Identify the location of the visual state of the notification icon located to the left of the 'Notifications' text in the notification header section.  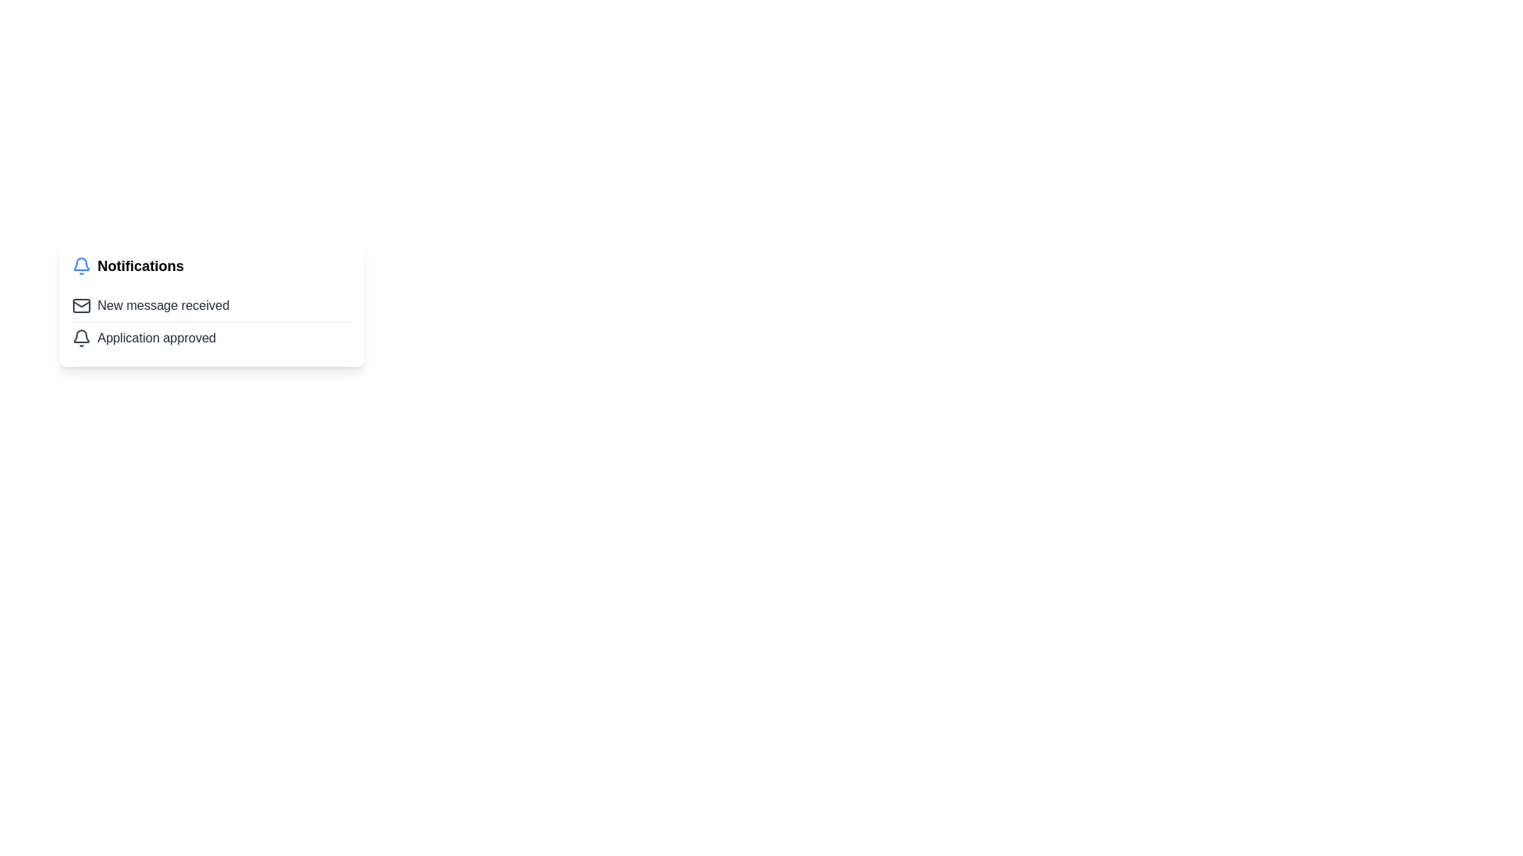
(80, 265).